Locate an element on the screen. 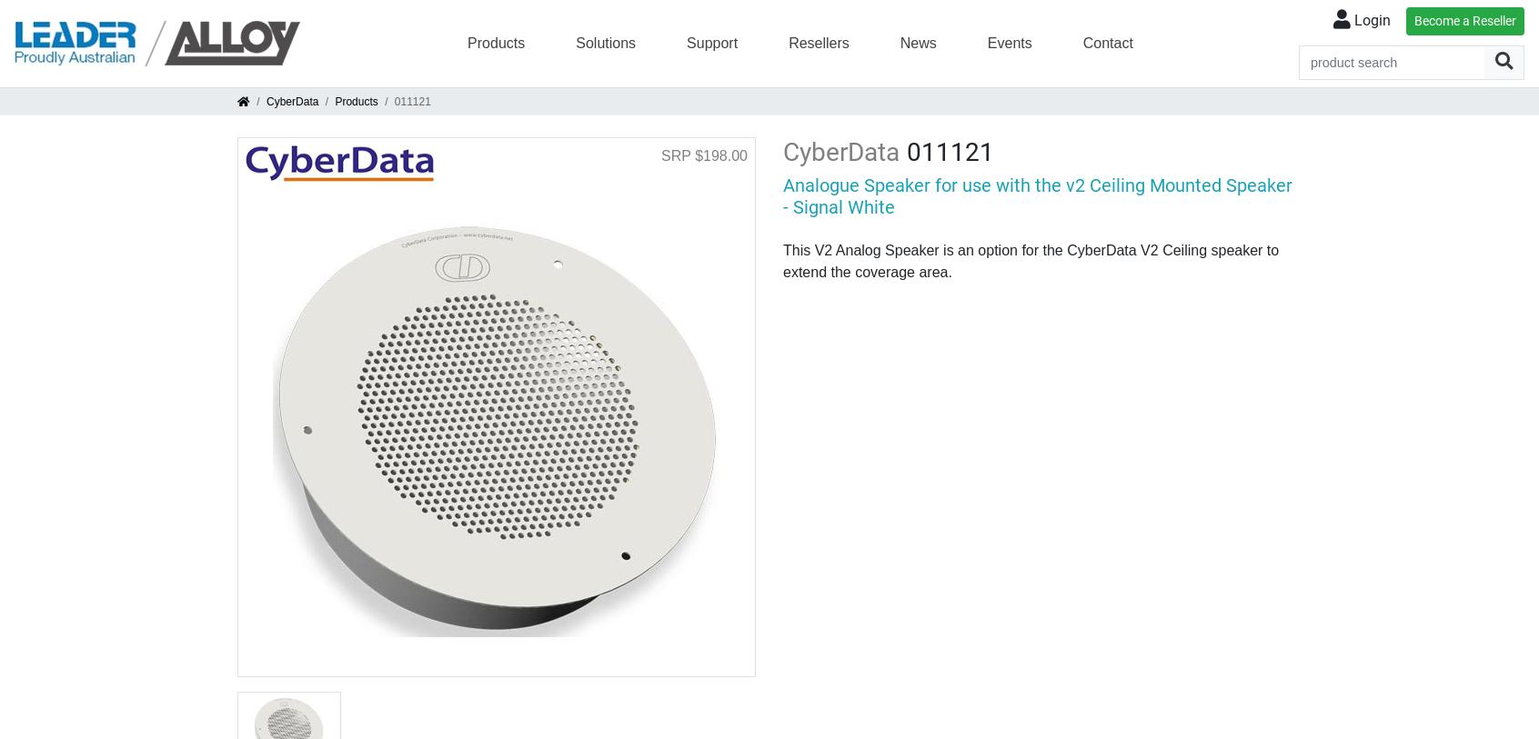 The width and height of the screenshot is (1539, 739). 'Contact' is located at coordinates (1081, 41).